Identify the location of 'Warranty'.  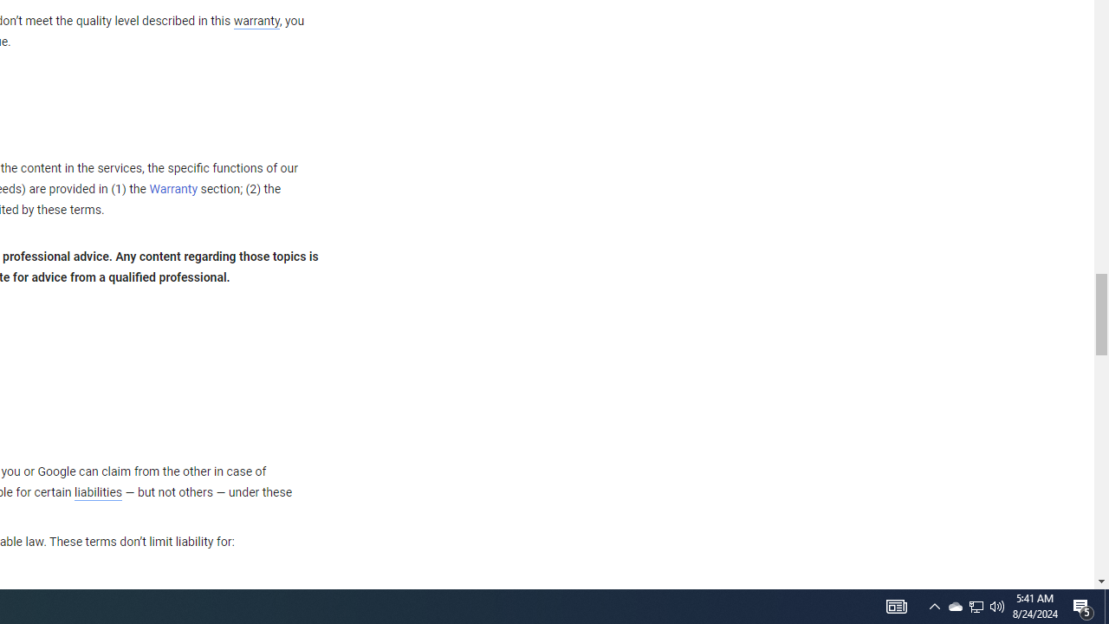
(173, 190).